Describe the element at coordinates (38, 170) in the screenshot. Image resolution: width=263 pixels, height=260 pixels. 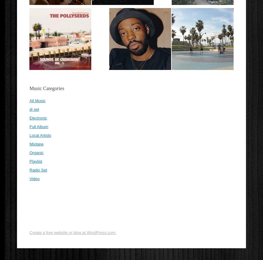
I see `'Radio Set'` at that location.